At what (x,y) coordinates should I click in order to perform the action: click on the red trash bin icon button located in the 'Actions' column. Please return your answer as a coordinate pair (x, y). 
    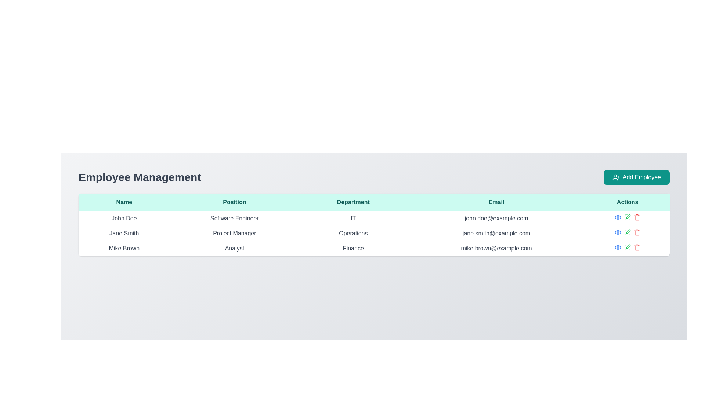
    Looking at the image, I should click on (636, 232).